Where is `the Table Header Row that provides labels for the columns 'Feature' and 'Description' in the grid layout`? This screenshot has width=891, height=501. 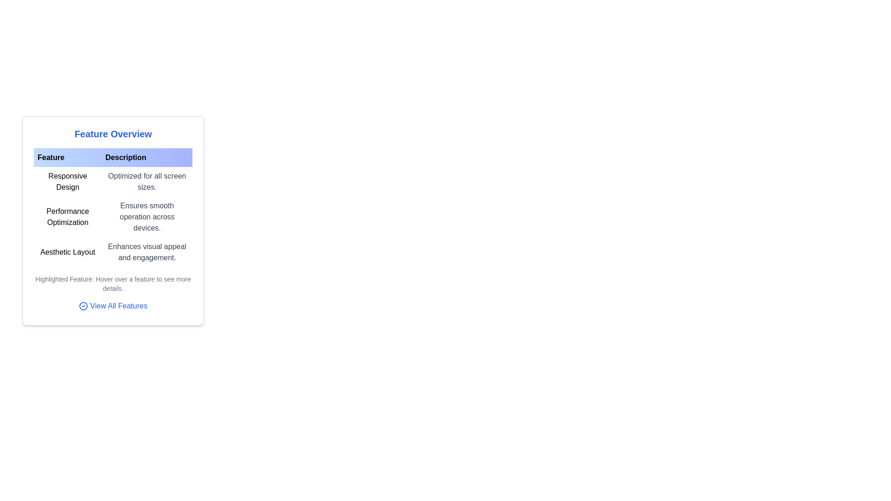 the Table Header Row that provides labels for the columns 'Feature' and 'Description' in the grid layout is located at coordinates (113, 157).